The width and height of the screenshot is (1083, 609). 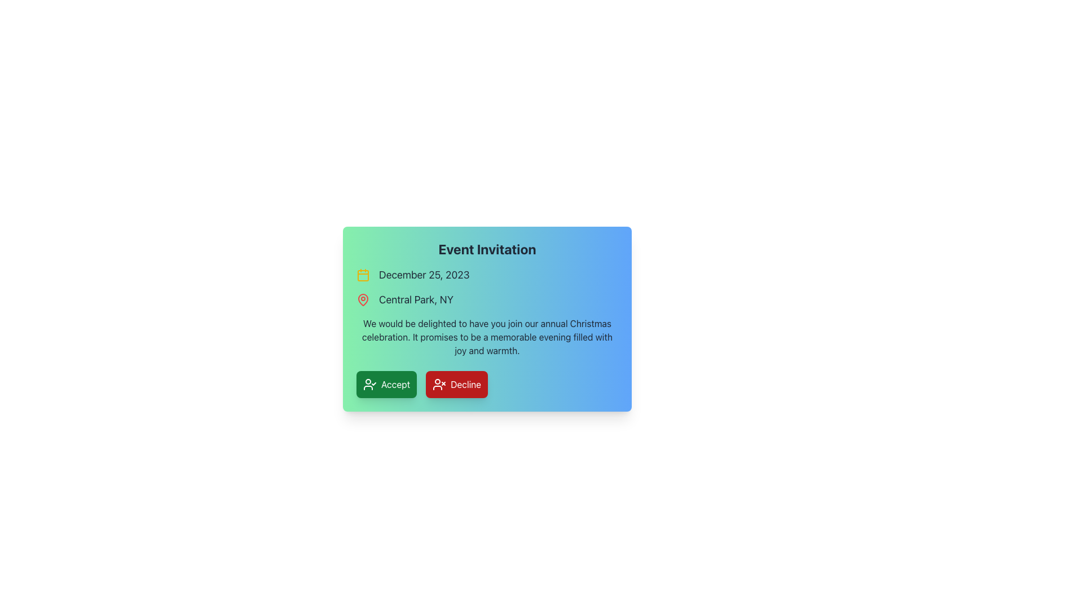 What do you see at coordinates (363, 299) in the screenshot?
I see `the location pin icon, which is a red outlined teardrop-shaped SVG located near the text 'Central Park, NY', for further interaction` at bounding box center [363, 299].